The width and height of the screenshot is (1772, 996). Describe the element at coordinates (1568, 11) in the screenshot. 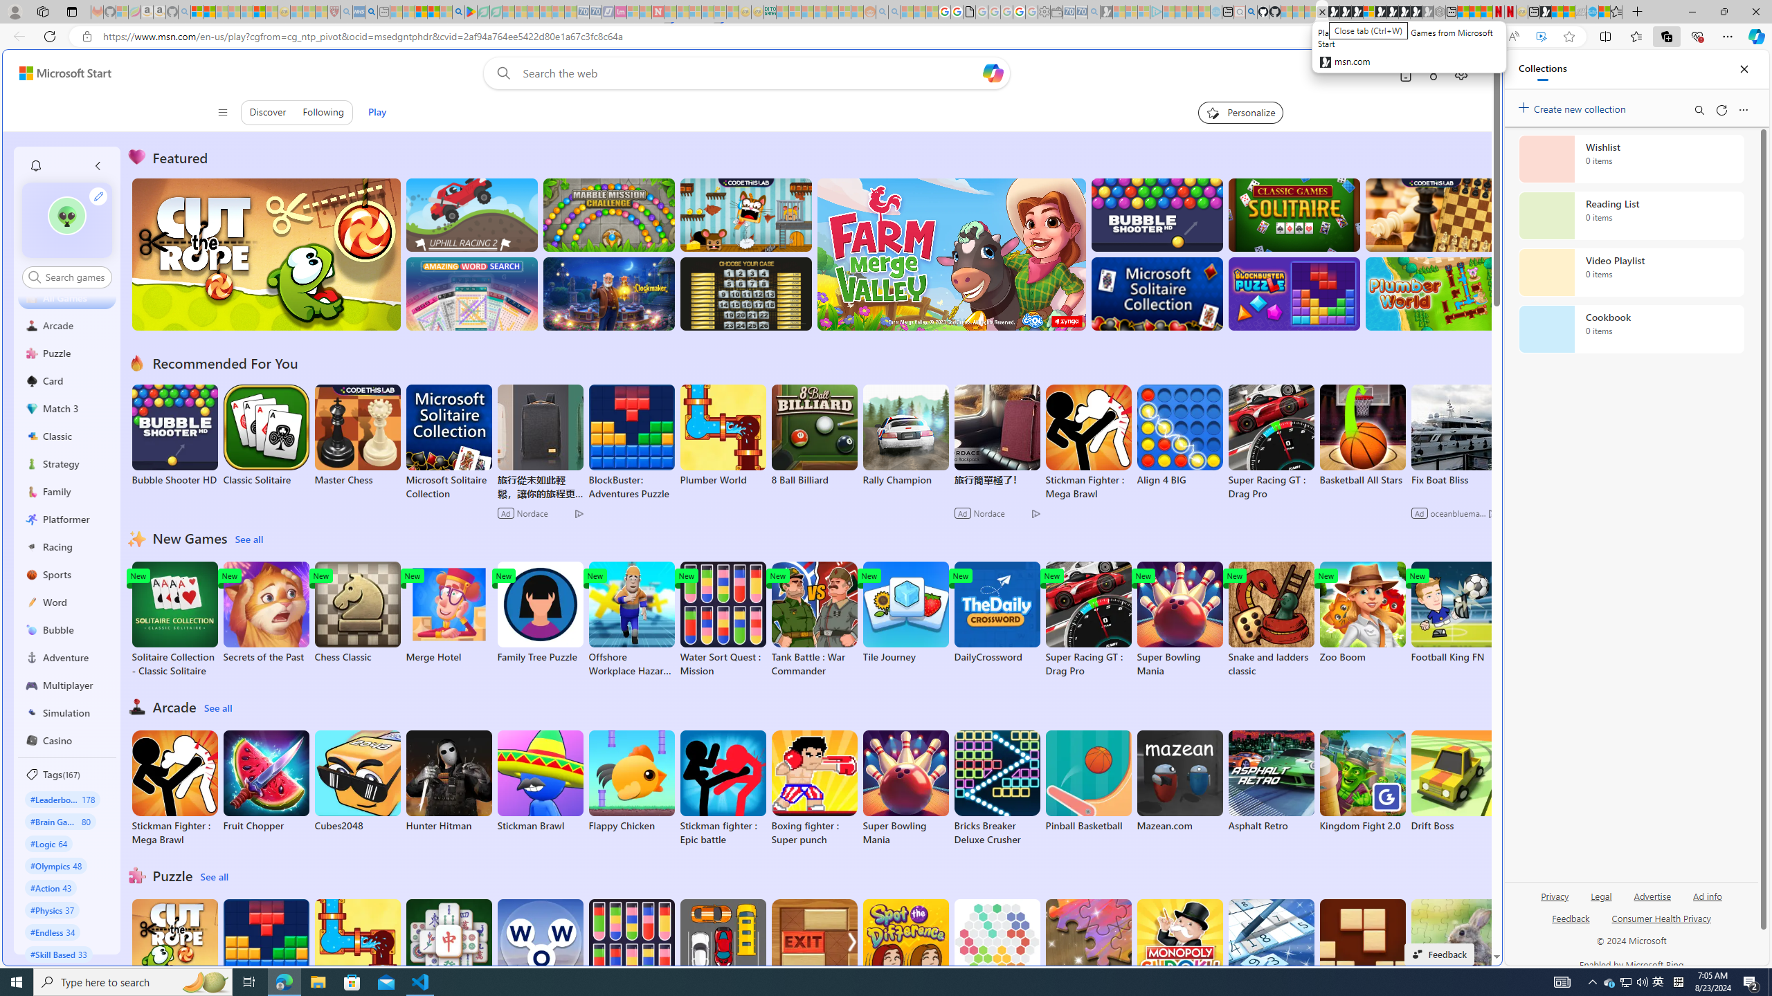

I see `'Earth has six continents not seven, radical new study claims'` at that location.